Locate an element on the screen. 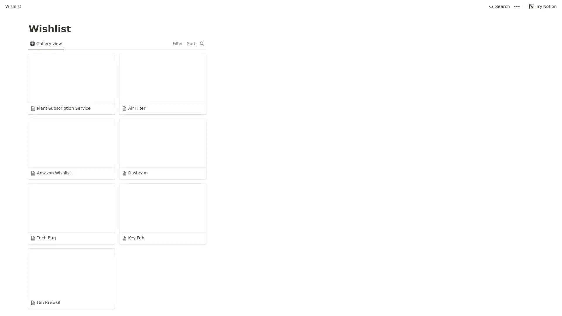 The image size is (562, 316). Sort is located at coordinates (519, 43).